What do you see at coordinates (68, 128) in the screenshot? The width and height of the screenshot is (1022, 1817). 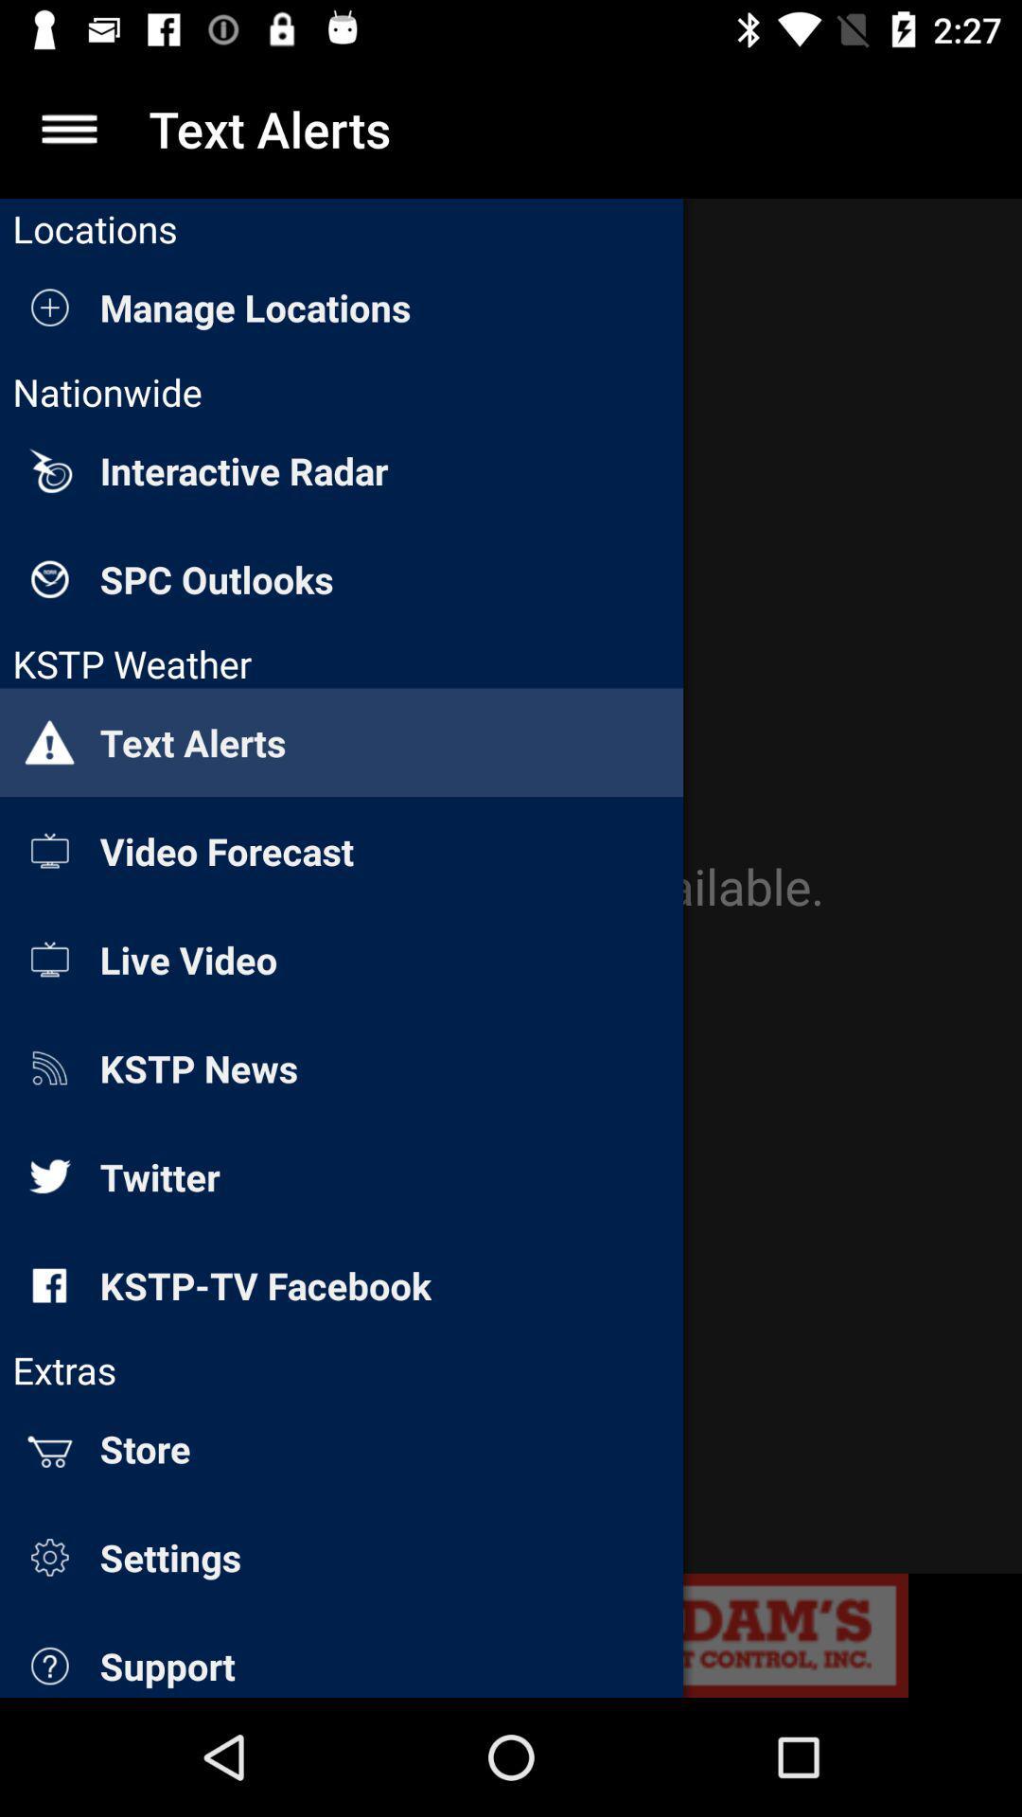 I see `menu button` at bounding box center [68, 128].